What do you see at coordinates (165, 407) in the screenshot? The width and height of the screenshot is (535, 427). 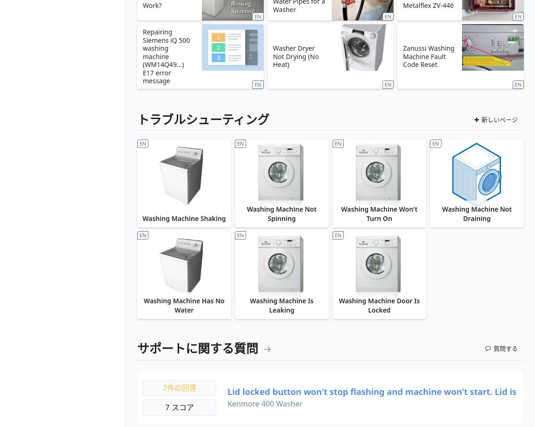 I see `'7 スコア'` at bounding box center [165, 407].